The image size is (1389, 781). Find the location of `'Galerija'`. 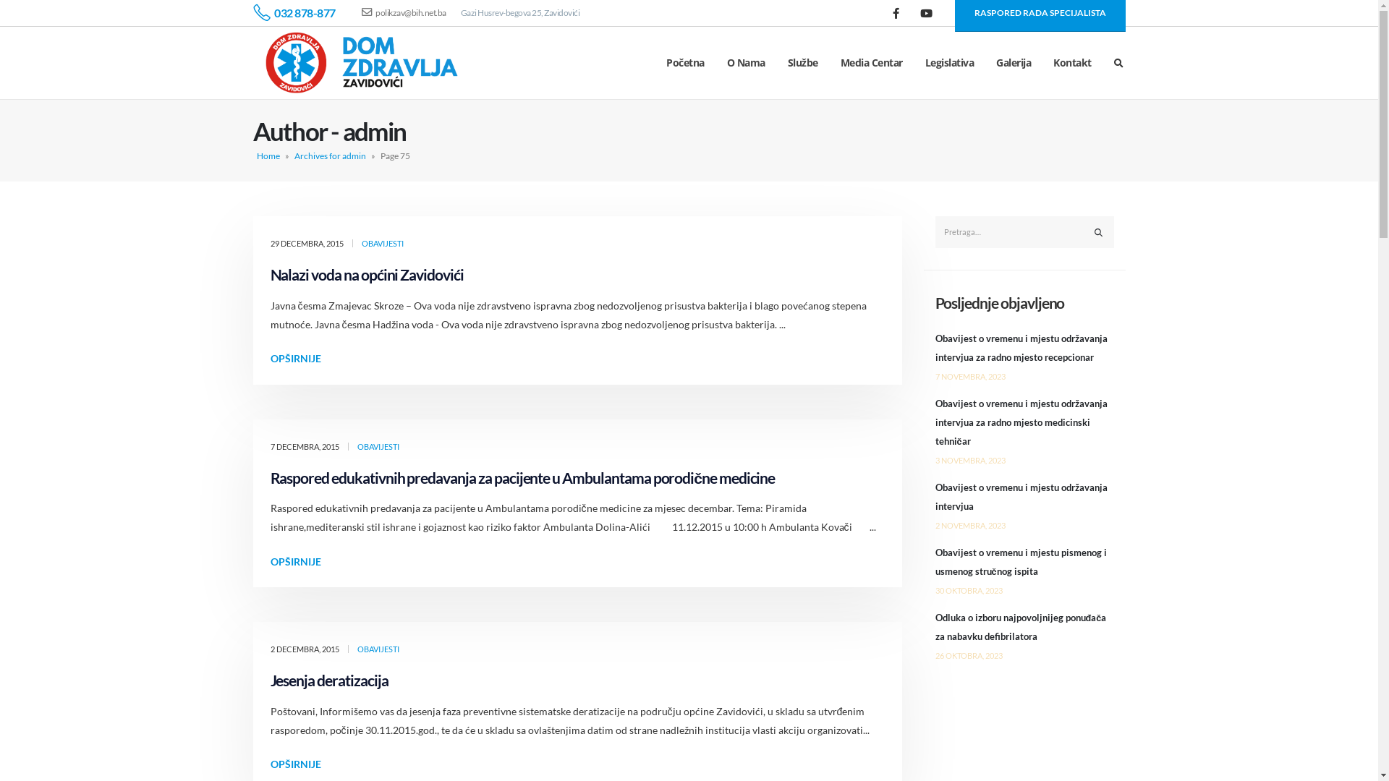

'Galerija' is located at coordinates (1013, 62).